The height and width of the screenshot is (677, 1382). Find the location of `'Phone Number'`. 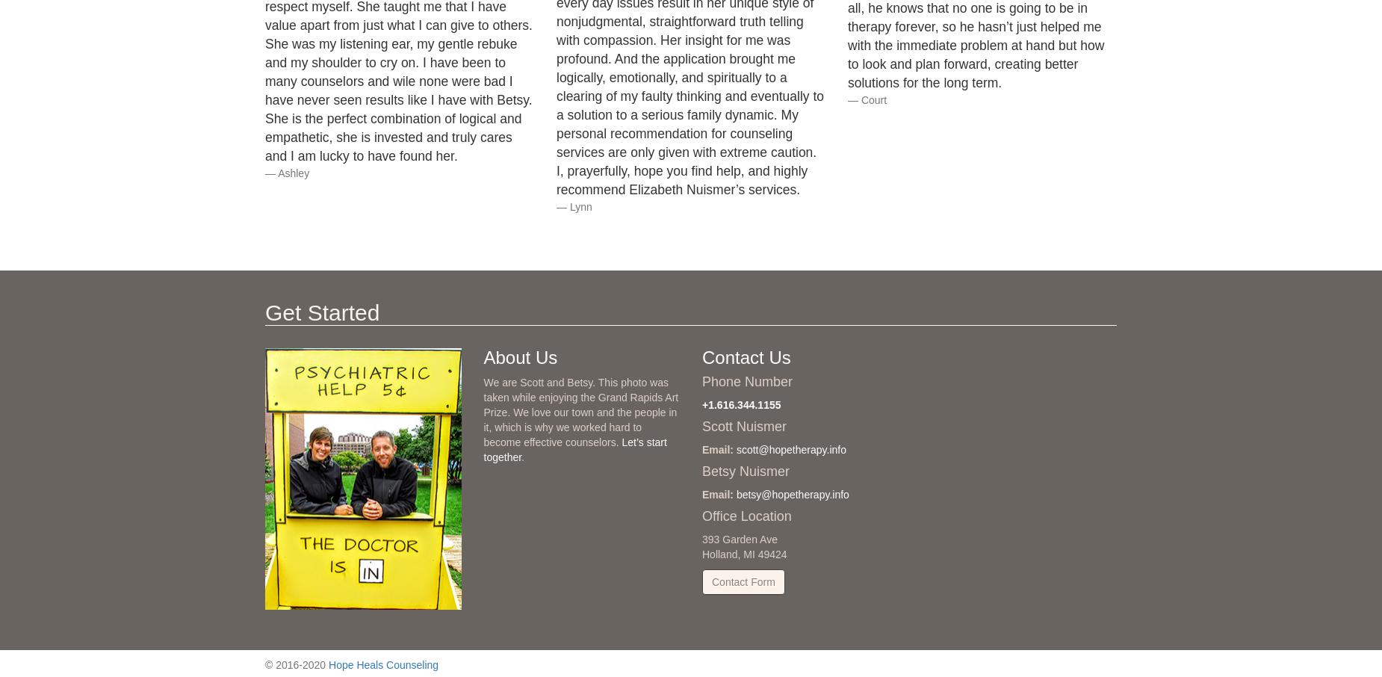

'Phone Number' is located at coordinates (746, 381).